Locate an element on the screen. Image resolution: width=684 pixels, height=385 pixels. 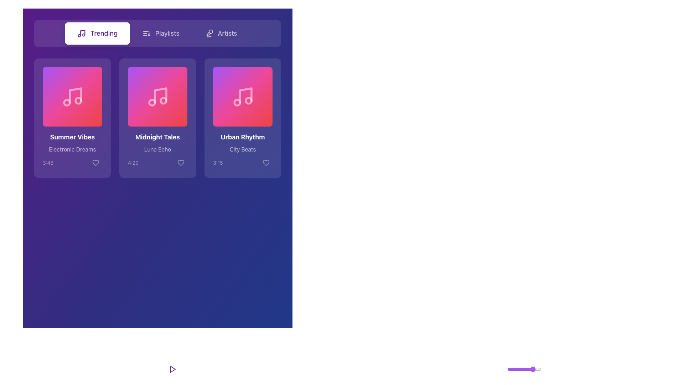
the thumbnail for the 'Summer Vibes' content is located at coordinates (72, 97).